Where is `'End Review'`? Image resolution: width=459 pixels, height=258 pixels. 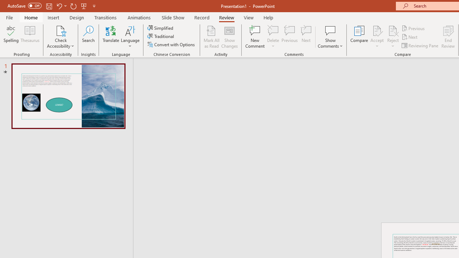
'End Review' is located at coordinates (448, 37).